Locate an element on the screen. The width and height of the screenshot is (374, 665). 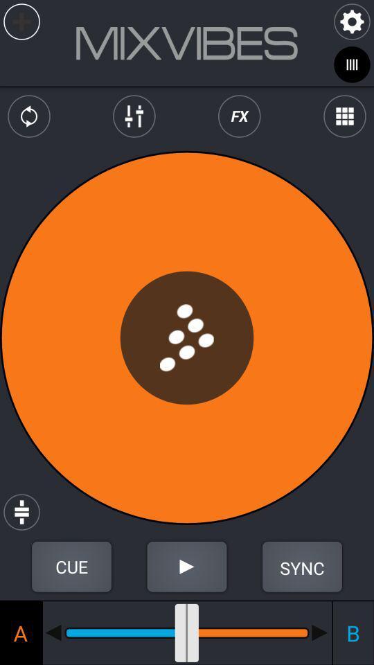
volume options is located at coordinates (134, 116).